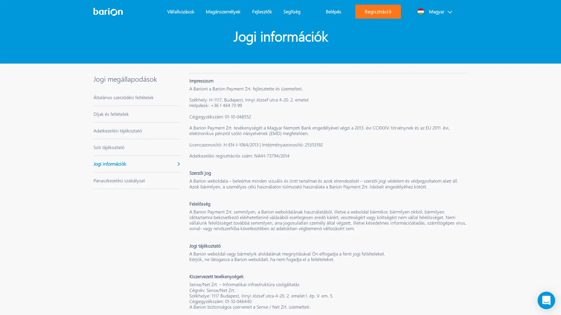  Describe the element at coordinates (546, 300) in the screenshot. I see `Load Chat` at that location.